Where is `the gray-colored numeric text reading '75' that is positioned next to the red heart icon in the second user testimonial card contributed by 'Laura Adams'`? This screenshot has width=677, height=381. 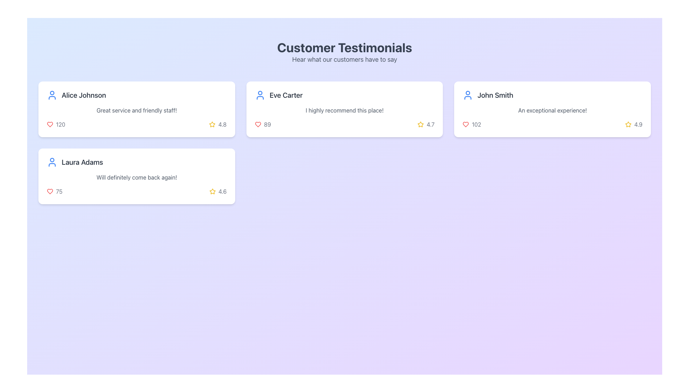 the gray-colored numeric text reading '75' that is positioned next to the red heart icon in the second user testimonial card contributed by 'Laura Adams' is located at coordinates (59, 192).